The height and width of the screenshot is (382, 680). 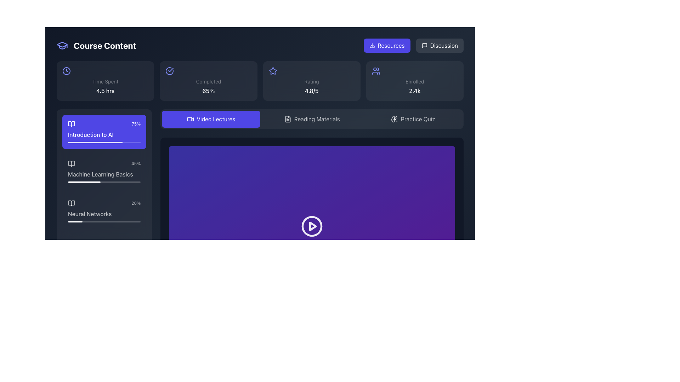 What do you see at coordinates (208, 91) in the screenshot?
I see `the non-interactive text display showing '65%' which is styled with a medium font weight and located below the 'Completed' label in the top-right section of the interface` at bounding box center [208, 91].